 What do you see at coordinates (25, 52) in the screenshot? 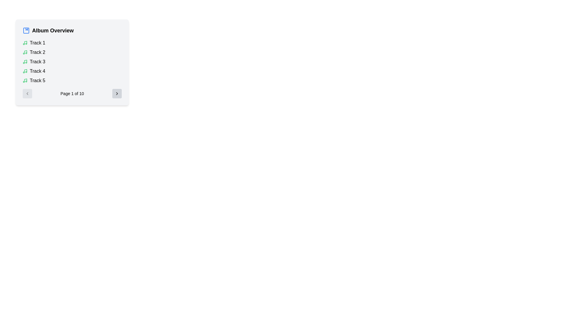
I see `the icon representing 'Track 2' in the vertical list within the 'Album Overview' panel` at bounding box center [25, 52].